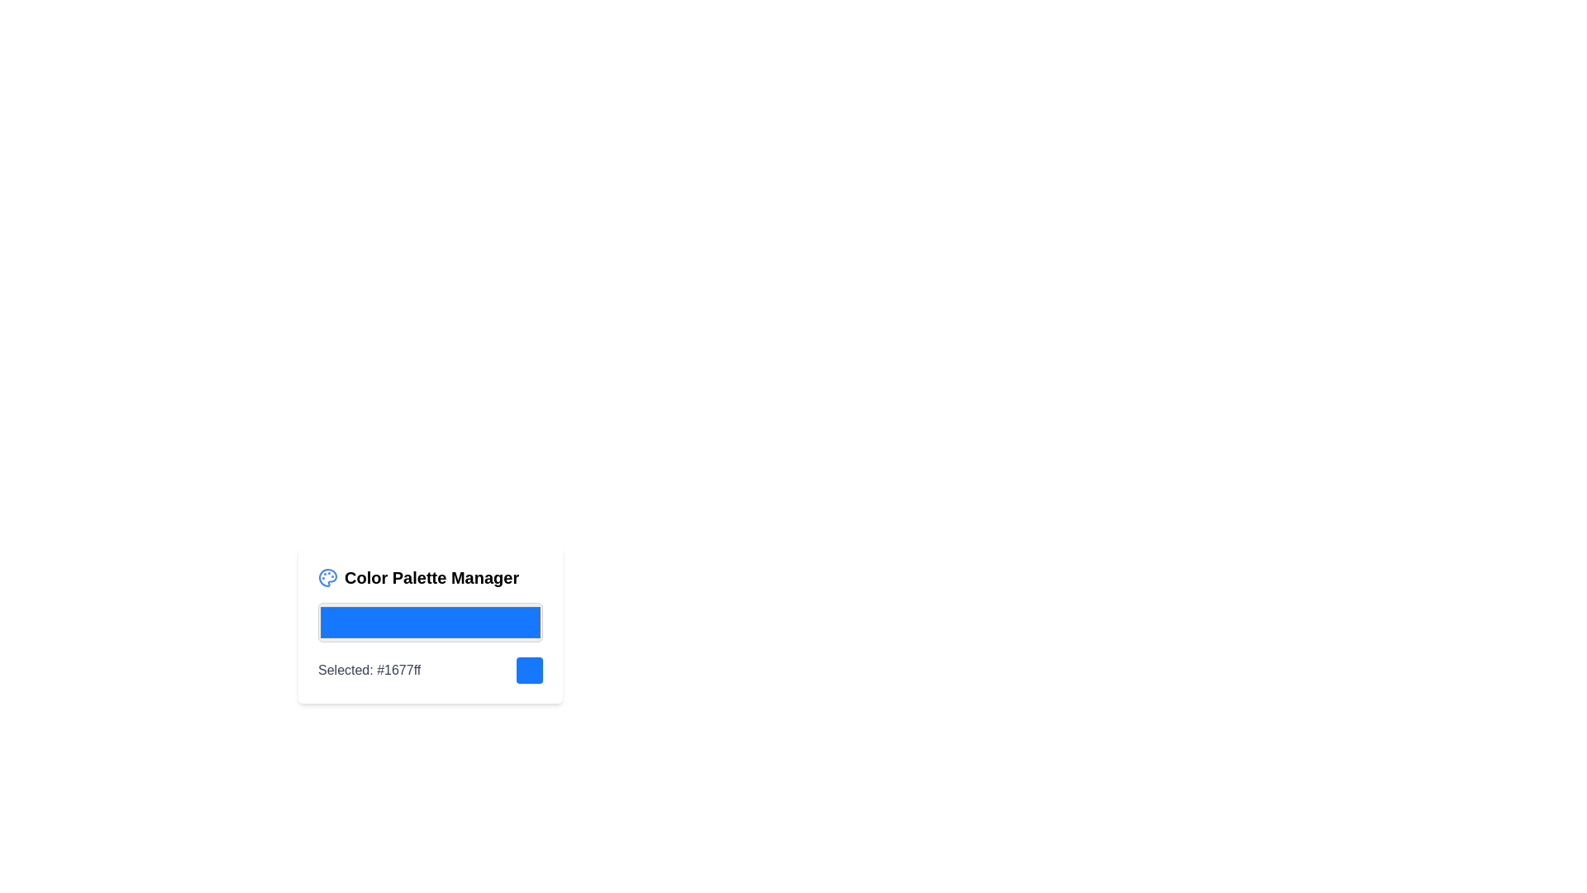 The height and width of the screenshot is (893, 1587). Describe the element at coordinates (369, 670) in the screenshot. I see `the text label displaying 'Selected: #1677ff'` at that location.